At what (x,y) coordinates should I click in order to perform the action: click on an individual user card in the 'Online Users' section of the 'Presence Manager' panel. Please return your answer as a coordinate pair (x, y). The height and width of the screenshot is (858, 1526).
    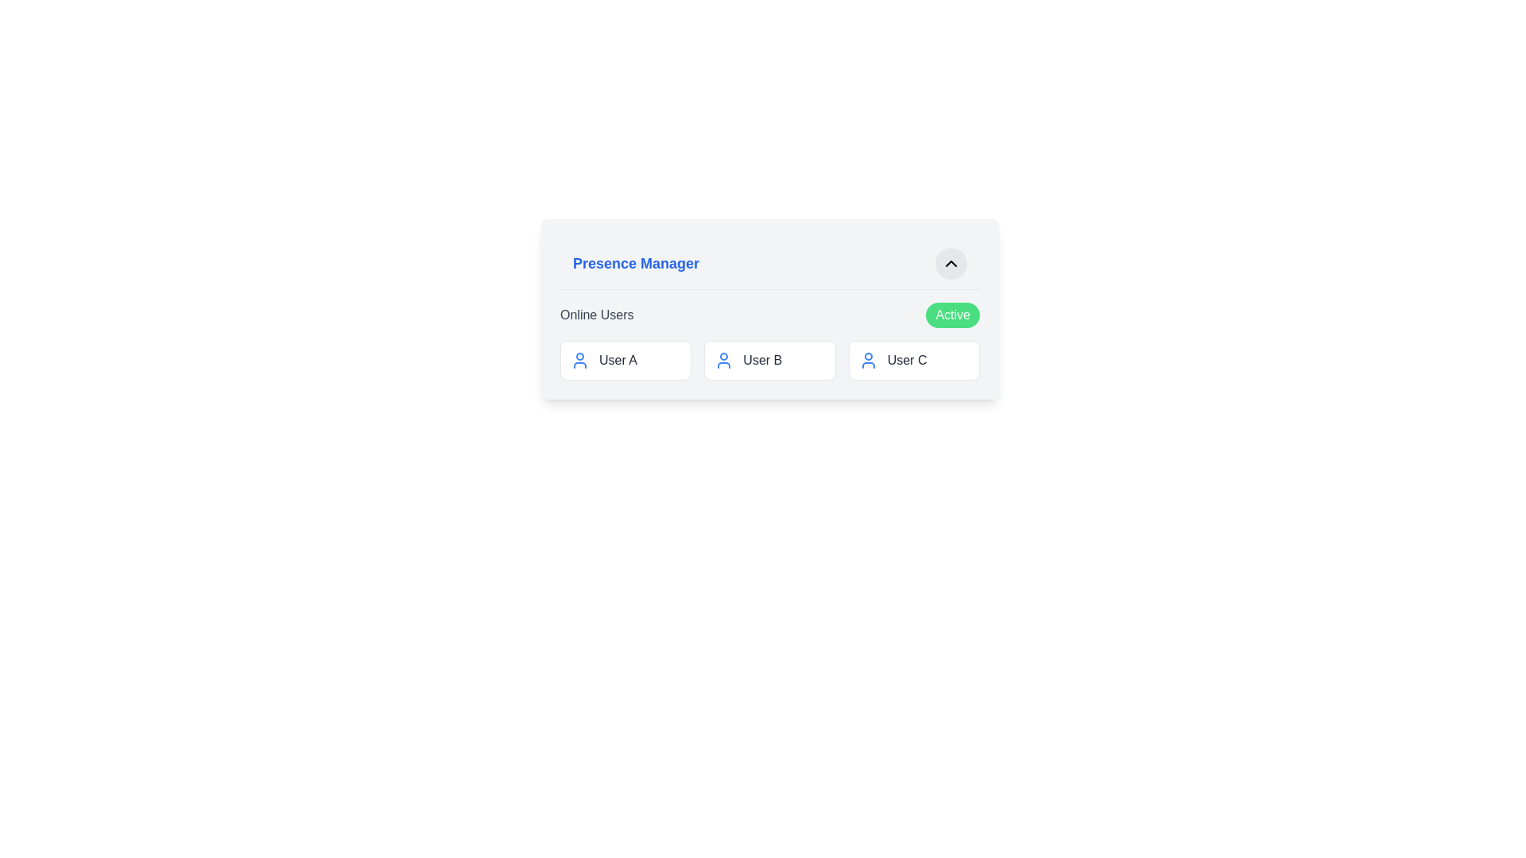
    Looking at the image, I should click on (770, 340).